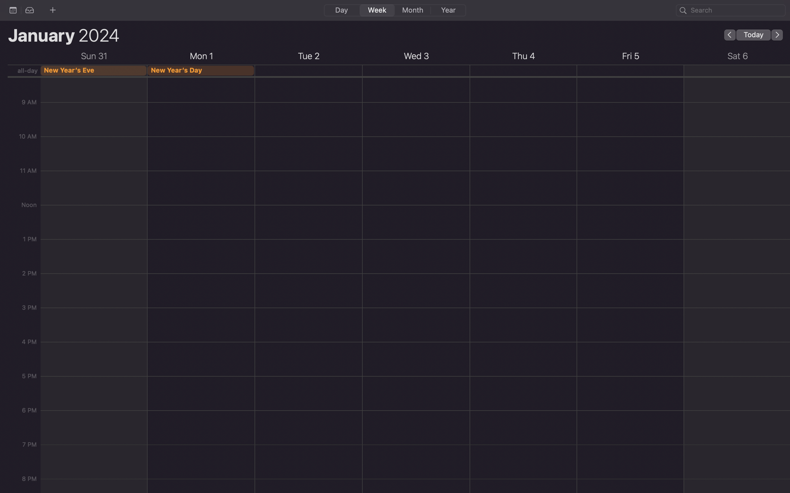 The height and width of the screenshot is (493, 790). Describe the element at coordinates (308, 318) in the screenshot. I see `Schedule an event for 2 pm on coming Tuesday` at that location.